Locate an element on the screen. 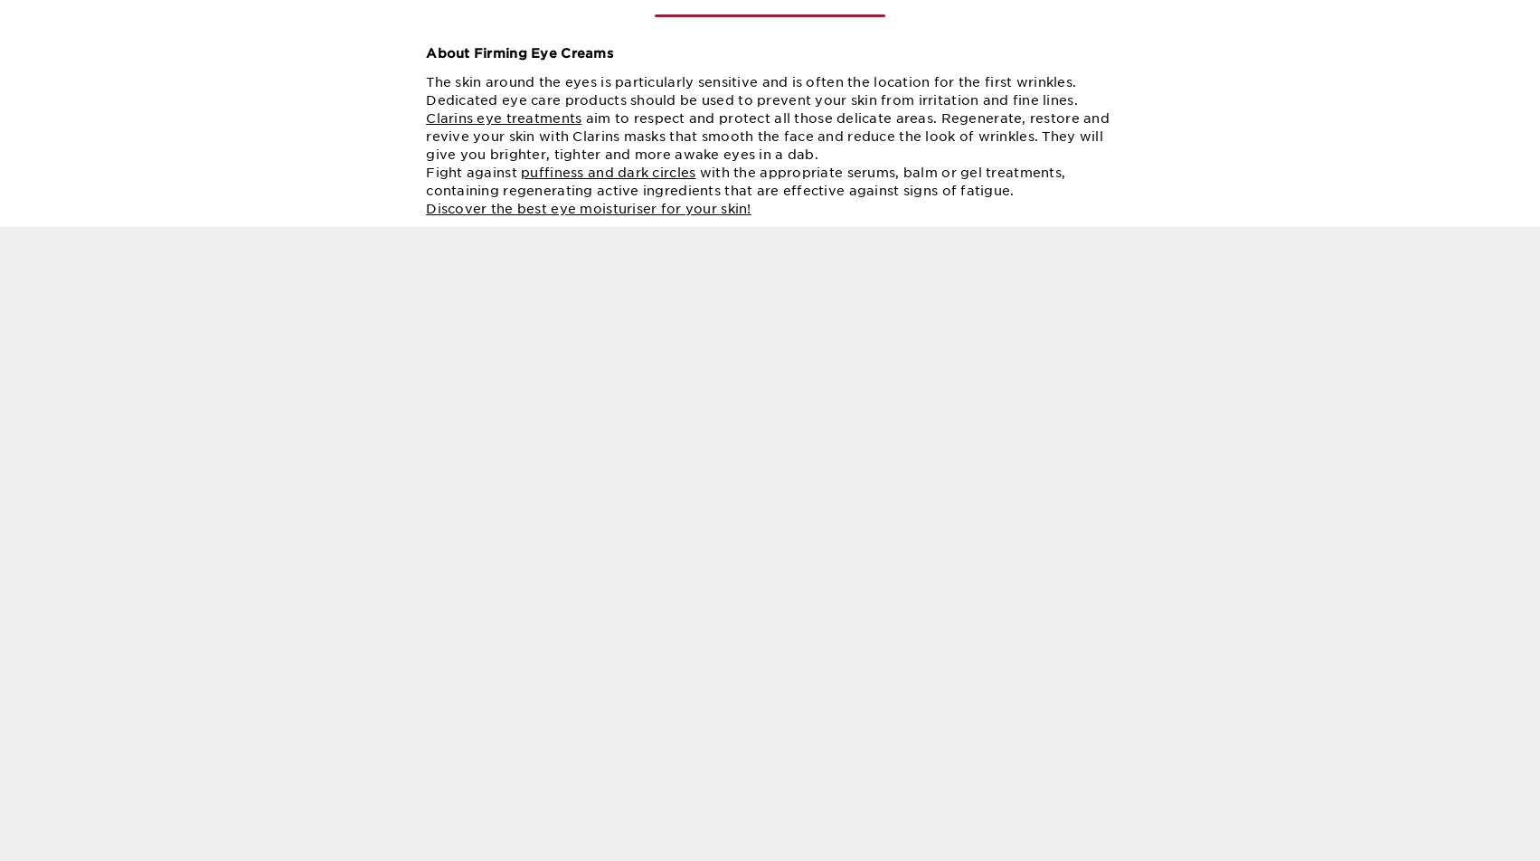 This screenshot has height=861, width=1540. 'MADE IN FRANCE*' is located at coordinates (1014, 726).